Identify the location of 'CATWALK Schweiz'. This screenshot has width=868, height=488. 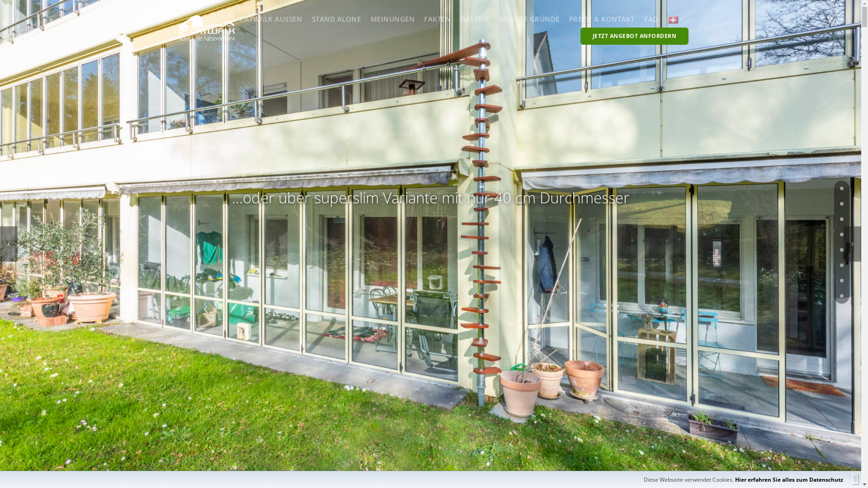
(673, 19).